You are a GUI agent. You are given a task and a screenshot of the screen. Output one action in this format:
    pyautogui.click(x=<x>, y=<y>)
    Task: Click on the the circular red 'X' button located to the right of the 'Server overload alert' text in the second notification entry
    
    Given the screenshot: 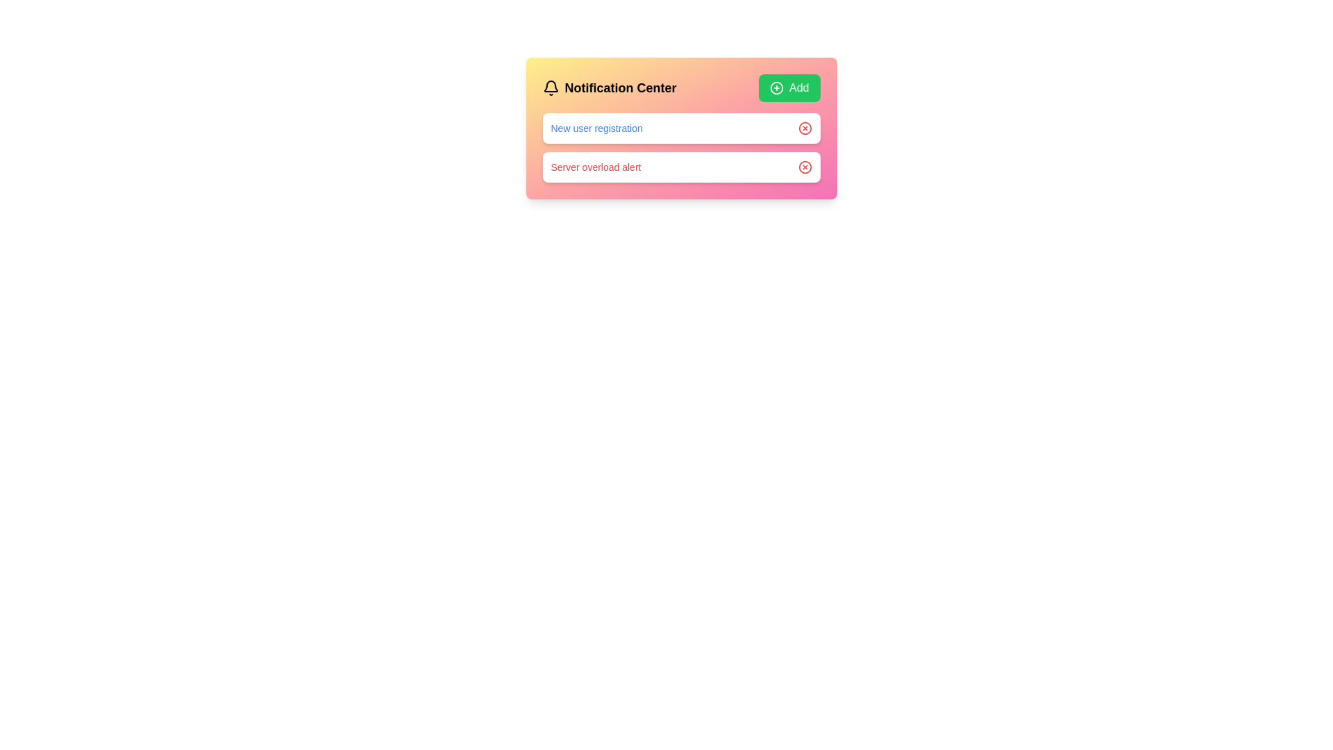 What is the action you would take?
    pyautogui.click(x=805, y=166)
    